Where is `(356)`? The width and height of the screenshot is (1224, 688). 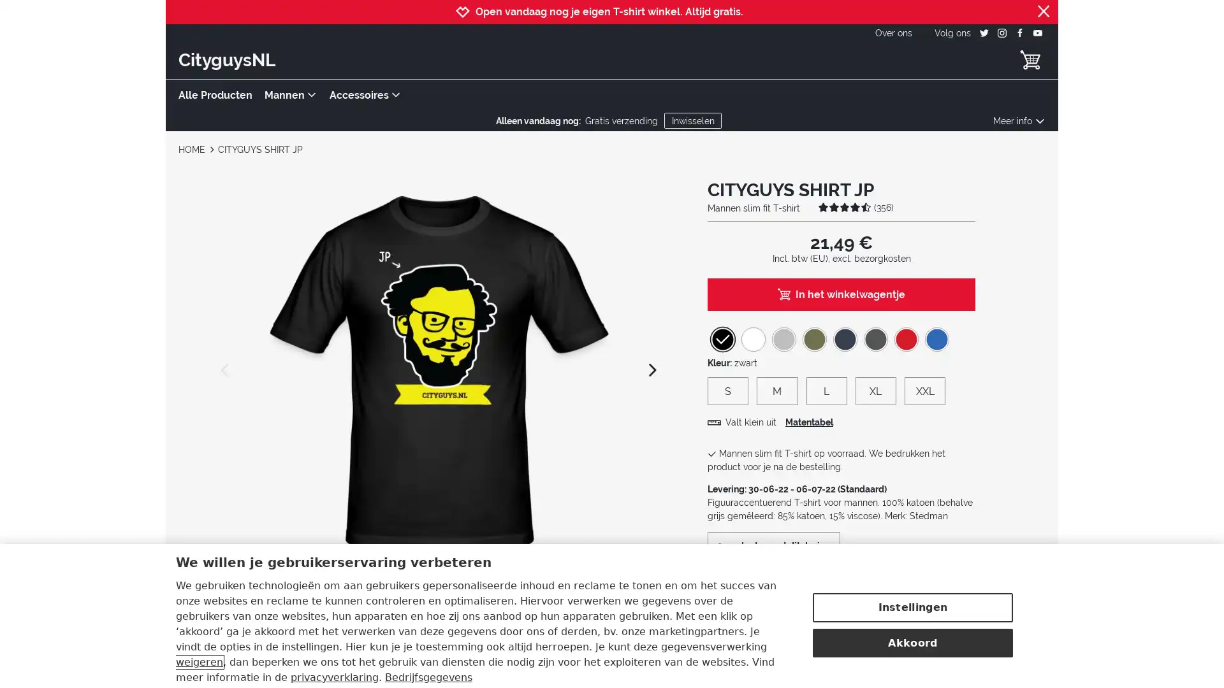 (356) is located at coordinates (856, 206).